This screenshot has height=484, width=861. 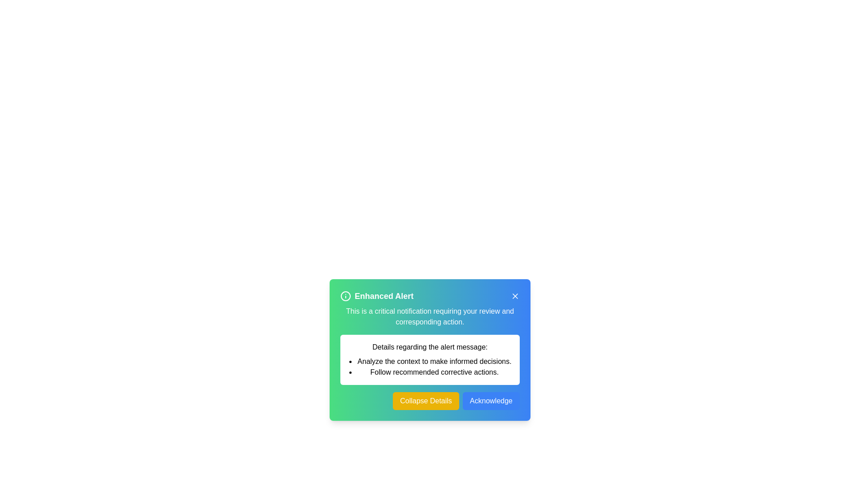 What do you see at coordinates (426, 400) in the screenshot?
I see `the collapse button located in the bottom-right section of the dialog box to hide additional details` at bounding box center [426, 400].